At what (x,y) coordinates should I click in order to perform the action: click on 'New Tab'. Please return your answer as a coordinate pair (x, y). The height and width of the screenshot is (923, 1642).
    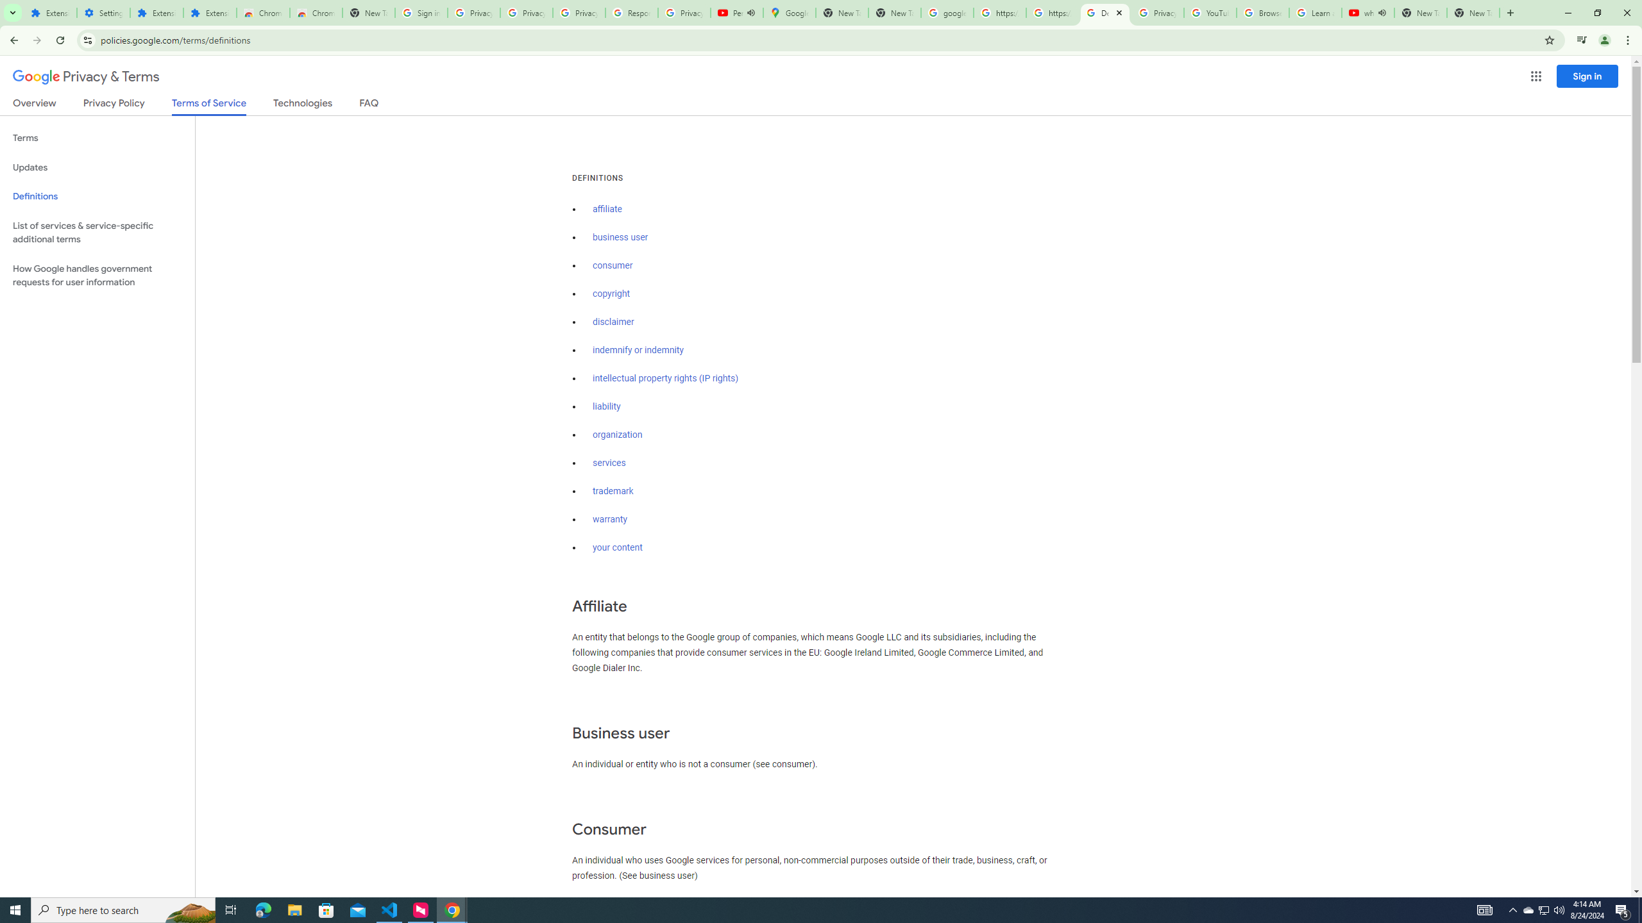
    Looking at the image, I should click on (1473, 12).